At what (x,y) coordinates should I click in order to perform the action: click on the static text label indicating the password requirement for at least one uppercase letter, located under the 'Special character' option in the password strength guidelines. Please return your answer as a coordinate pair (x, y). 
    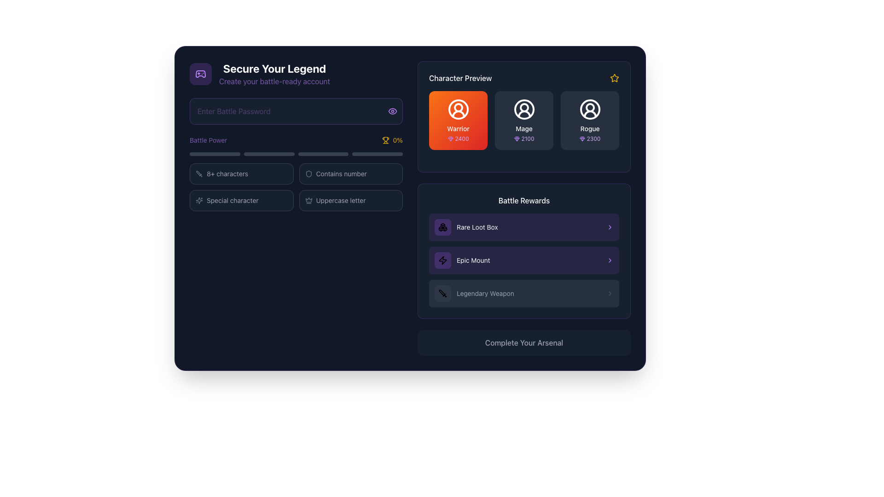
    Looking at the image, I should click on (340, 200).